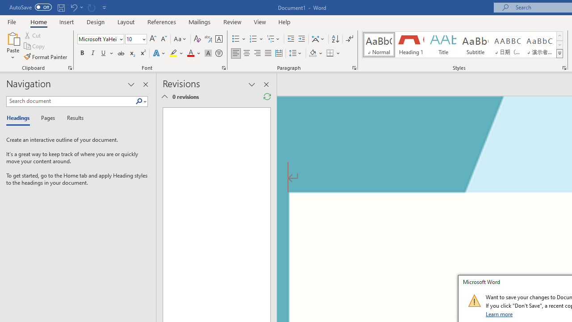 The image size is (572, 322). I want to click on 'System', so click(4, 5).